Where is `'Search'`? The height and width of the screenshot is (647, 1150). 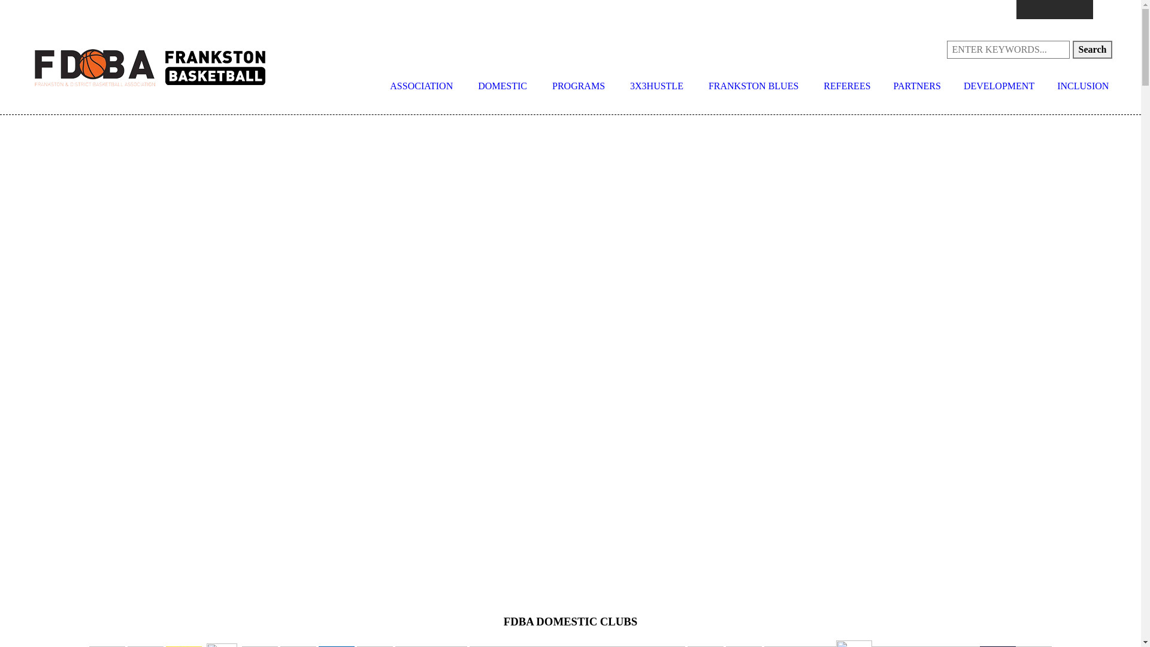
'Search' is located at coordinates (1072, 49).